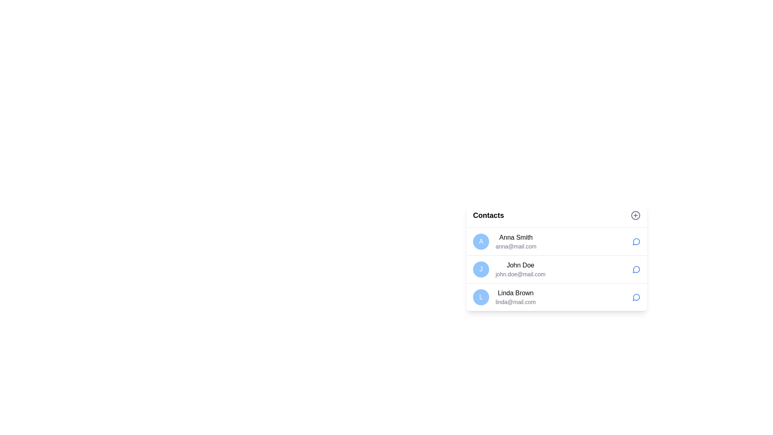 The height and width of the screenshot is (435, 773). Describe the element at coordinates (636, 241) in the screenshot. I see `the circular speech bubble button located at the right end of the row containing 'Anna Smith' and 'anna@mail.com' to trigger the hover effect` at that location.